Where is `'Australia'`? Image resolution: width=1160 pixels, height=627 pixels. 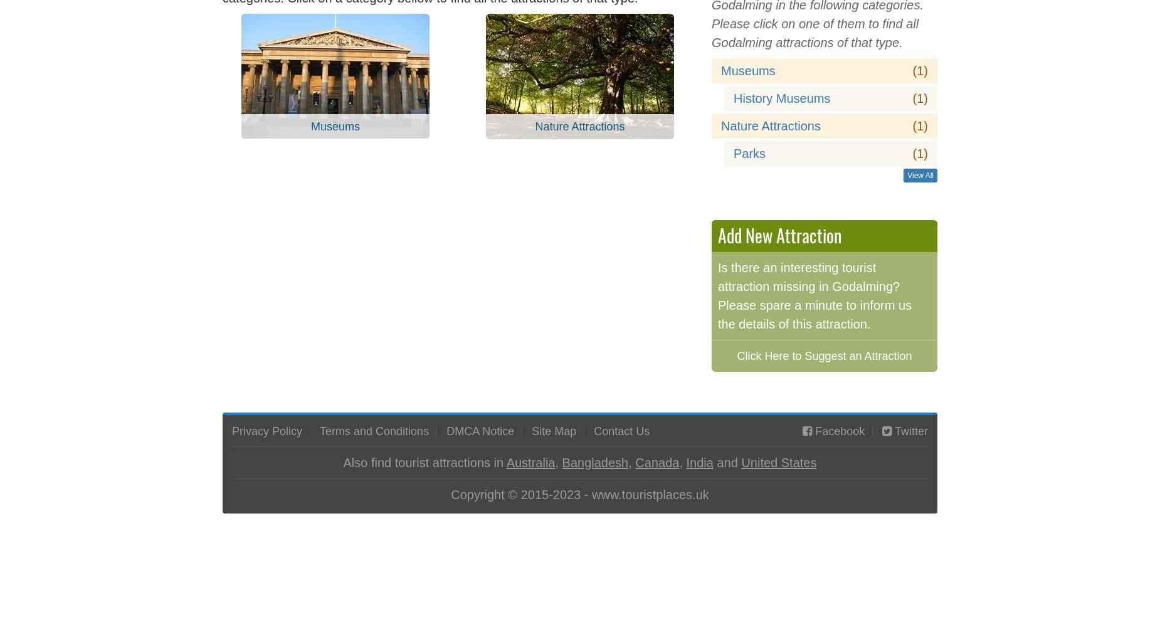 'Australia' is located at coordinates (530, 461).